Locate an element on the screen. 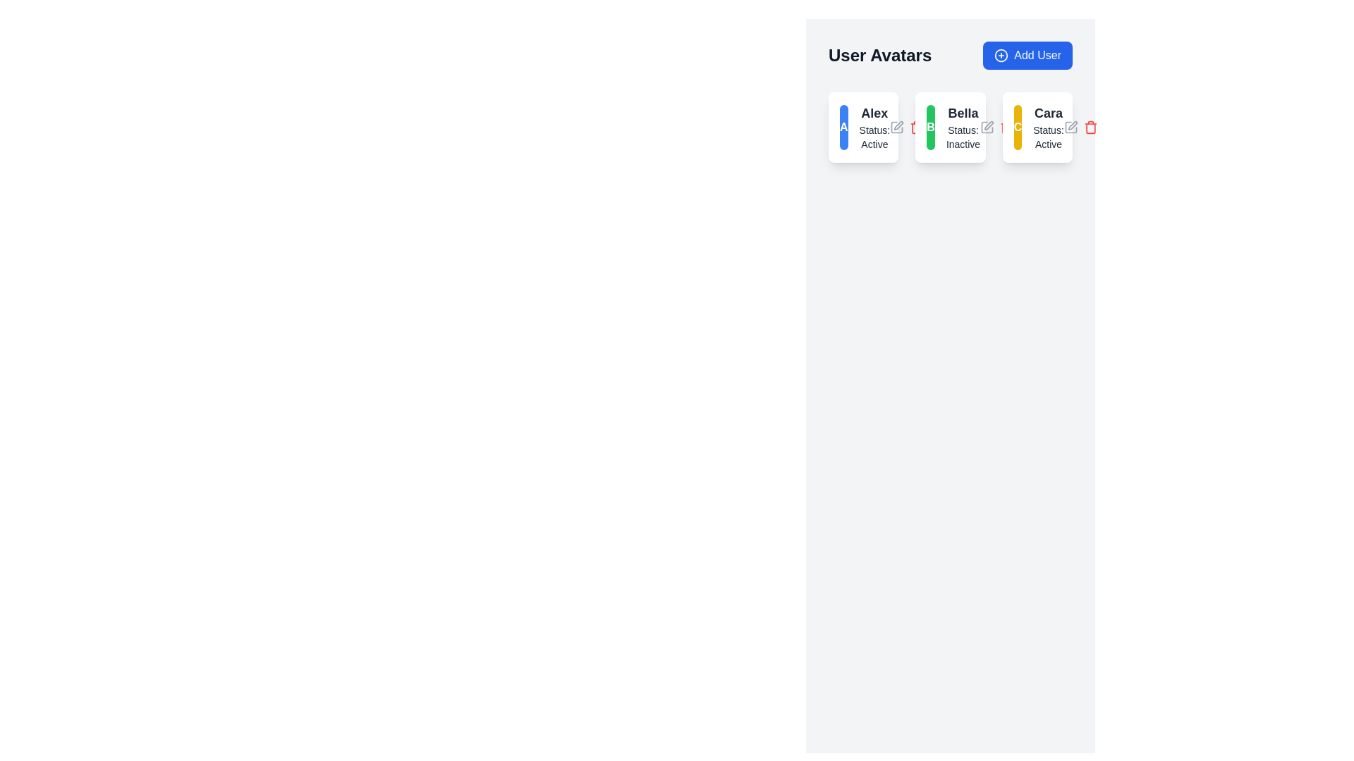 Image resolution: width=1354 pixels, height=761 pixels. text label displaying 'Status: Active' located below the name 'Cara' in the lower section of the card is located at coordinates (1049, 137).